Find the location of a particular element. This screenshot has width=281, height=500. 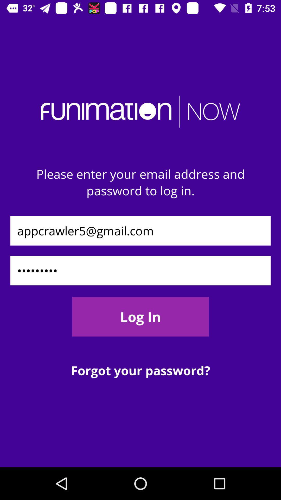

the crowd3116 icon is located at coordinates (140, 271).